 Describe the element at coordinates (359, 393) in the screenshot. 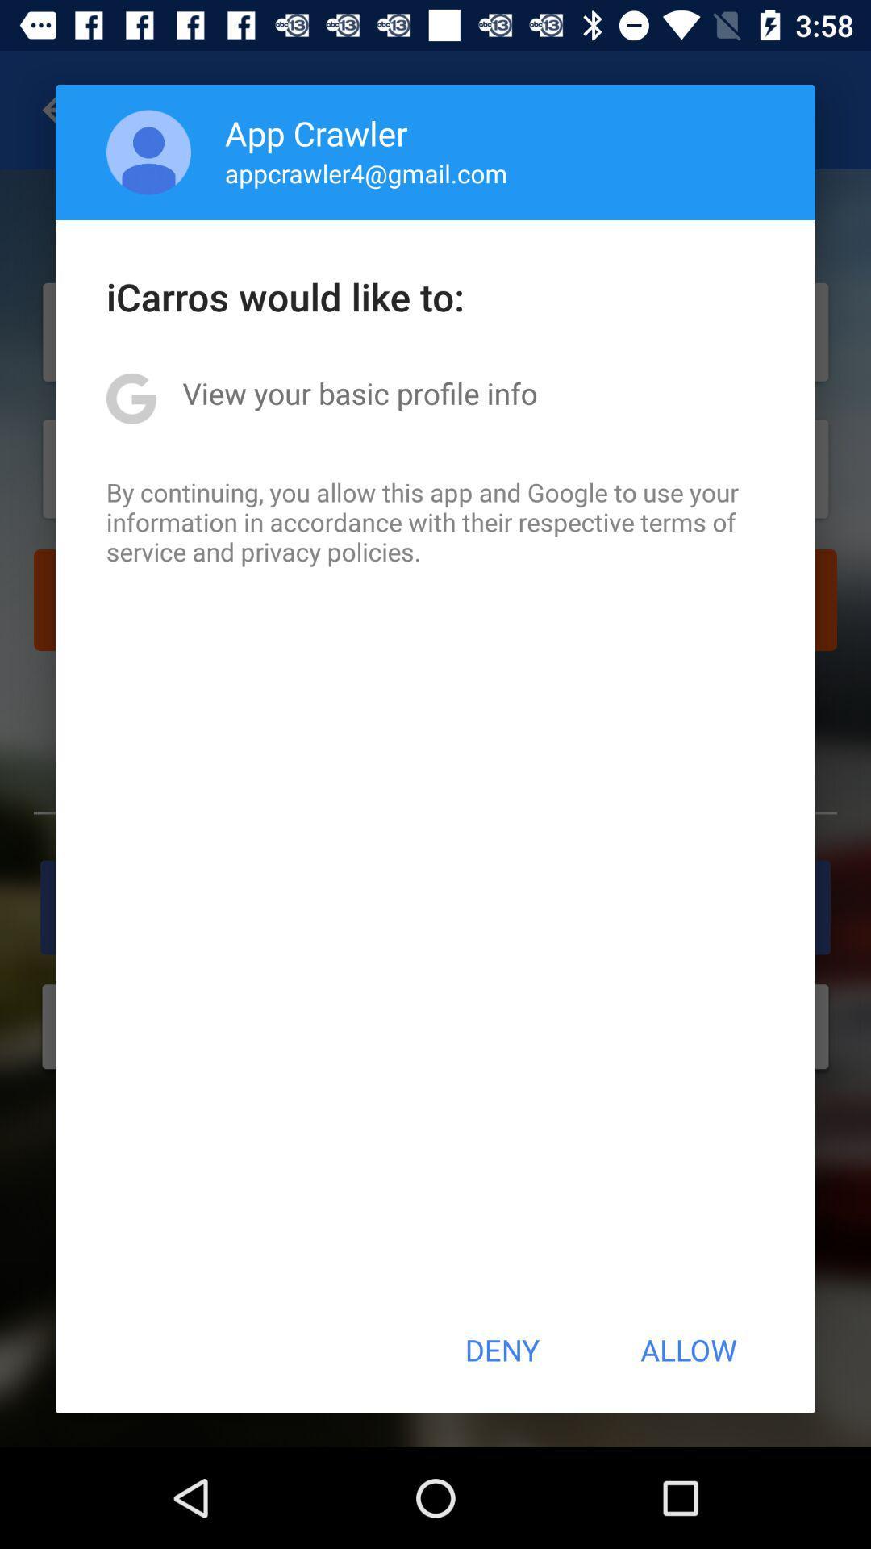

I see `the icon above by continuing you icon` at that location.